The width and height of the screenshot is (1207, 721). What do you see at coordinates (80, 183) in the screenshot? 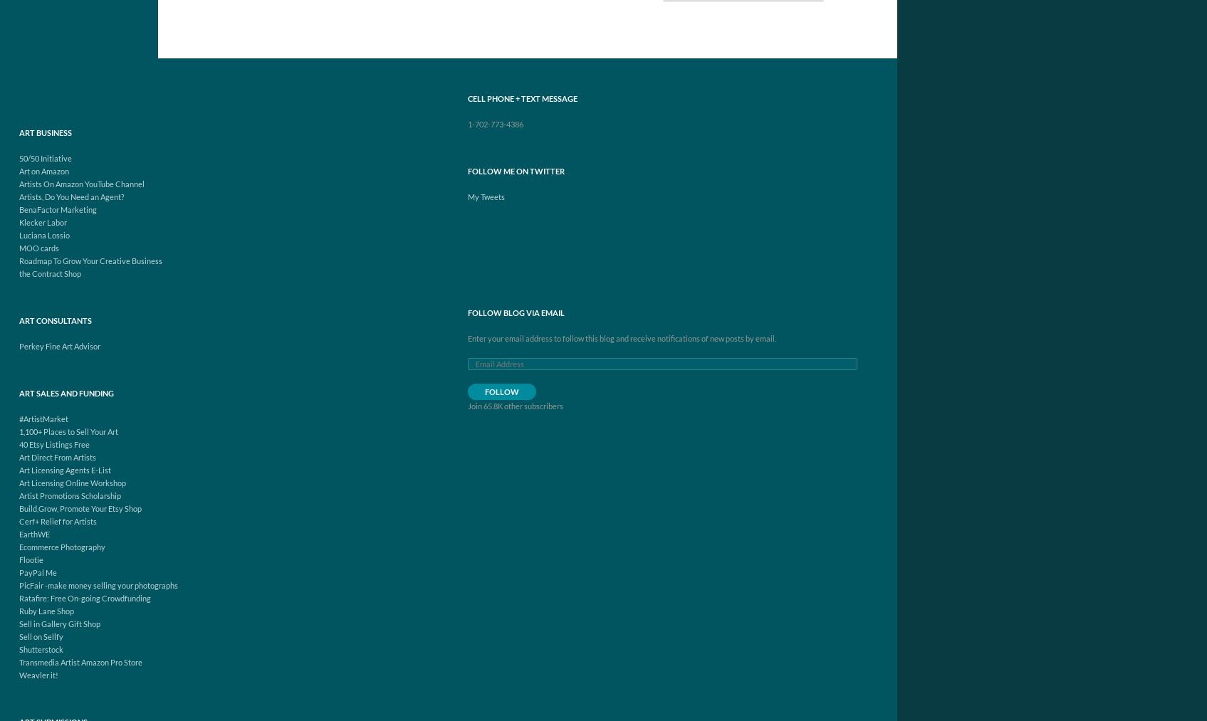
I see `'Artists On Amazon YouTube Channel'` at bounding box center [80, 183].